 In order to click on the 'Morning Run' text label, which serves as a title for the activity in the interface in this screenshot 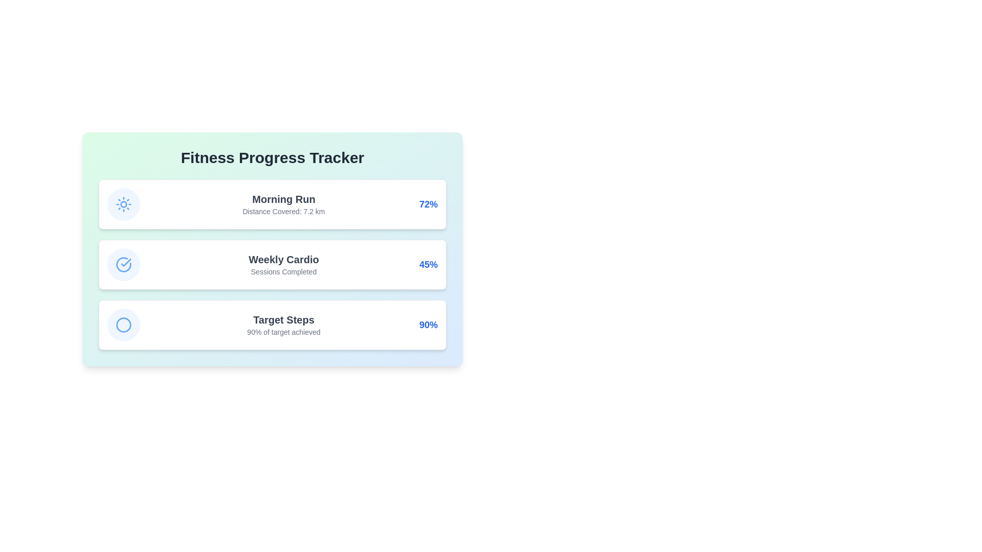, I will do `click(284, 199)`.